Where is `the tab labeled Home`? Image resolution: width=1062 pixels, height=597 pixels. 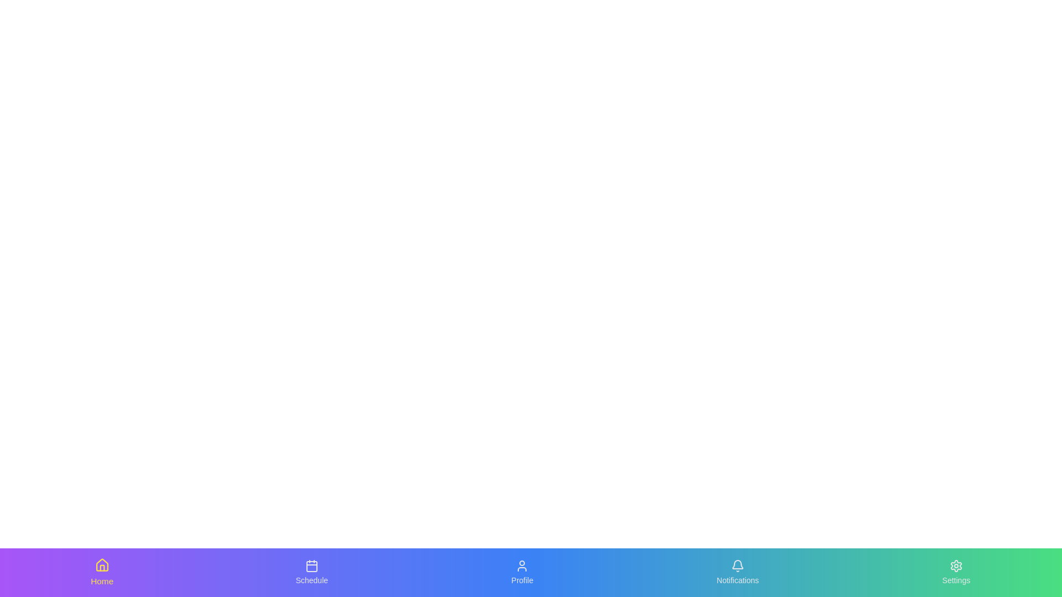 the tab labeled Home is located at coordinates (101, 572).